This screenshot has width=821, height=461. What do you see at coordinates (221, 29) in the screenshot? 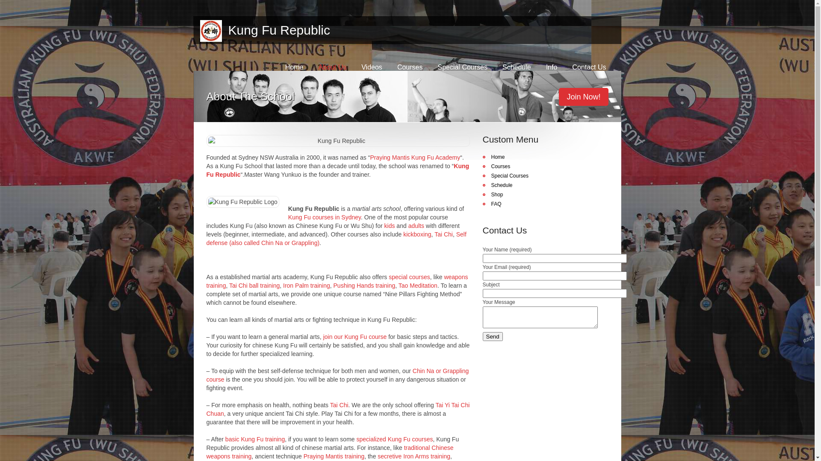
I see `'Kung Fu Republic'` at bounding box center [221, 29].